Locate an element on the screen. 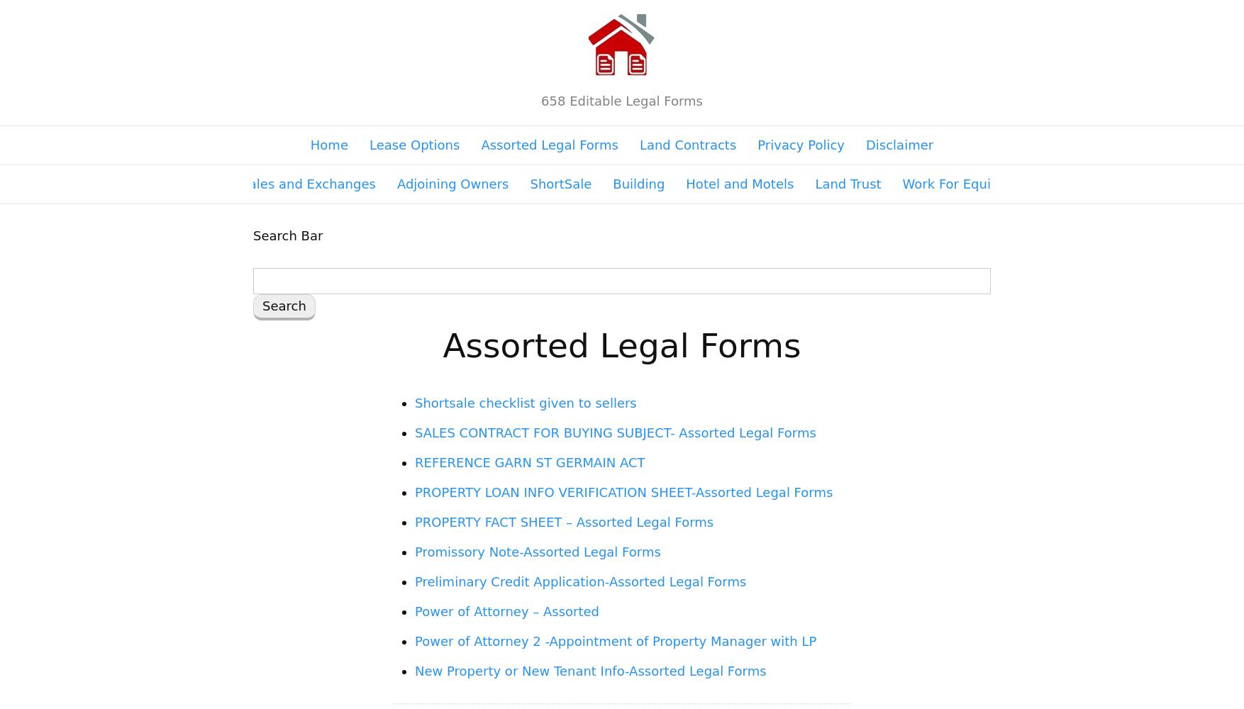 Image resolution: width=1244 pixels, height=709 pixels. 'REFERENCE GARN ST GERMAIN ACT' is located at coordinates (530, 462).